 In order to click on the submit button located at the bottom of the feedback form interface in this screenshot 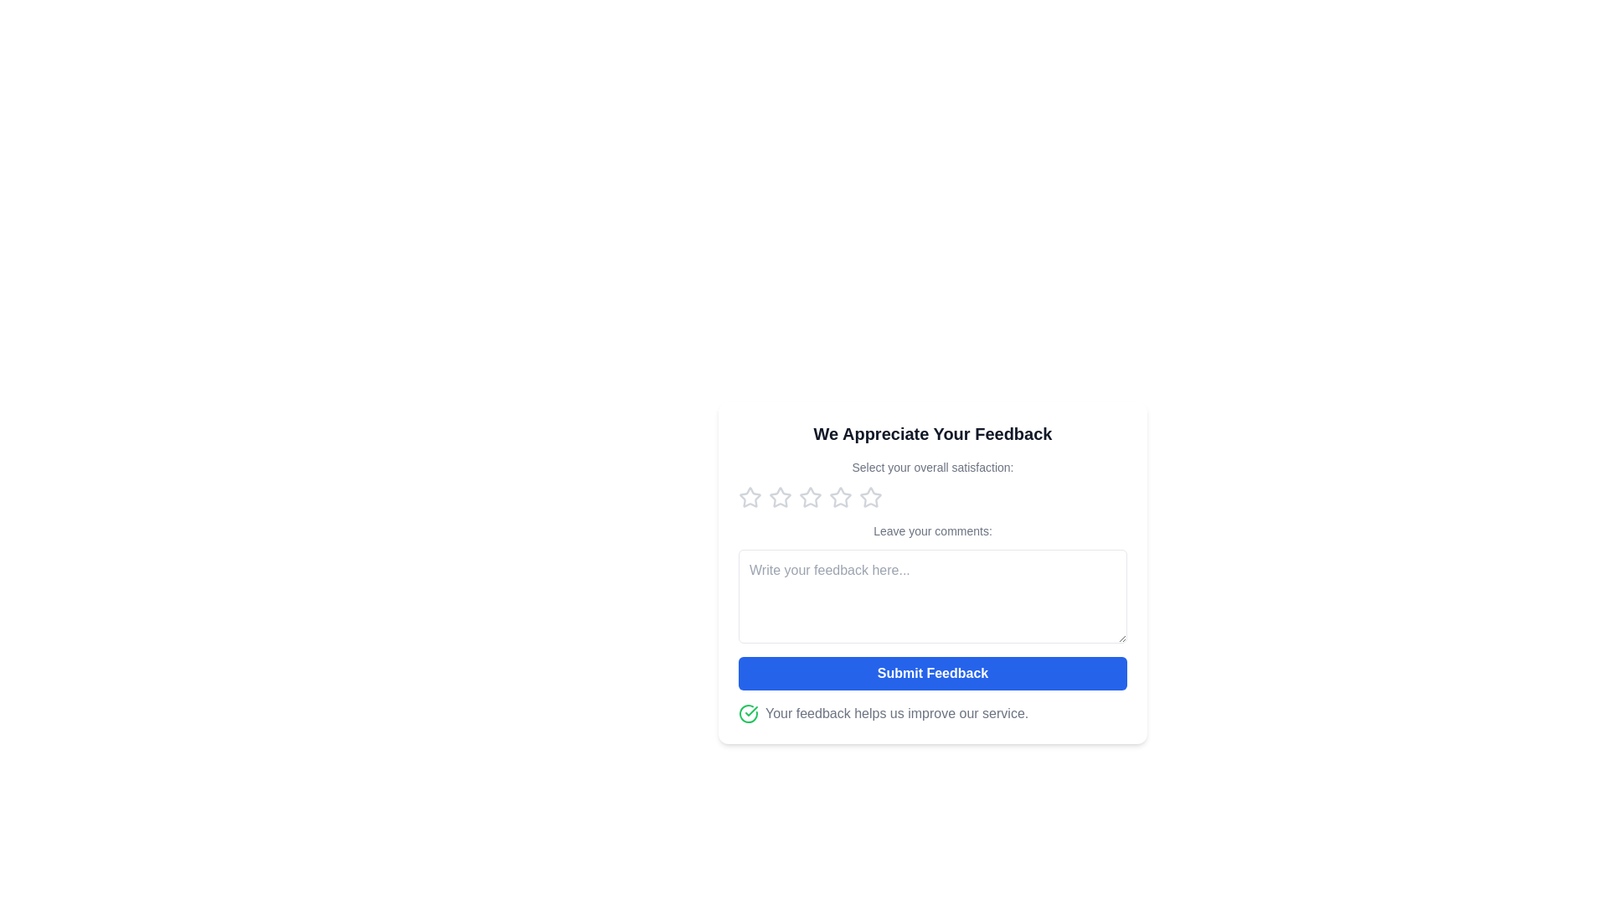, I will do `click(931, 672)`.